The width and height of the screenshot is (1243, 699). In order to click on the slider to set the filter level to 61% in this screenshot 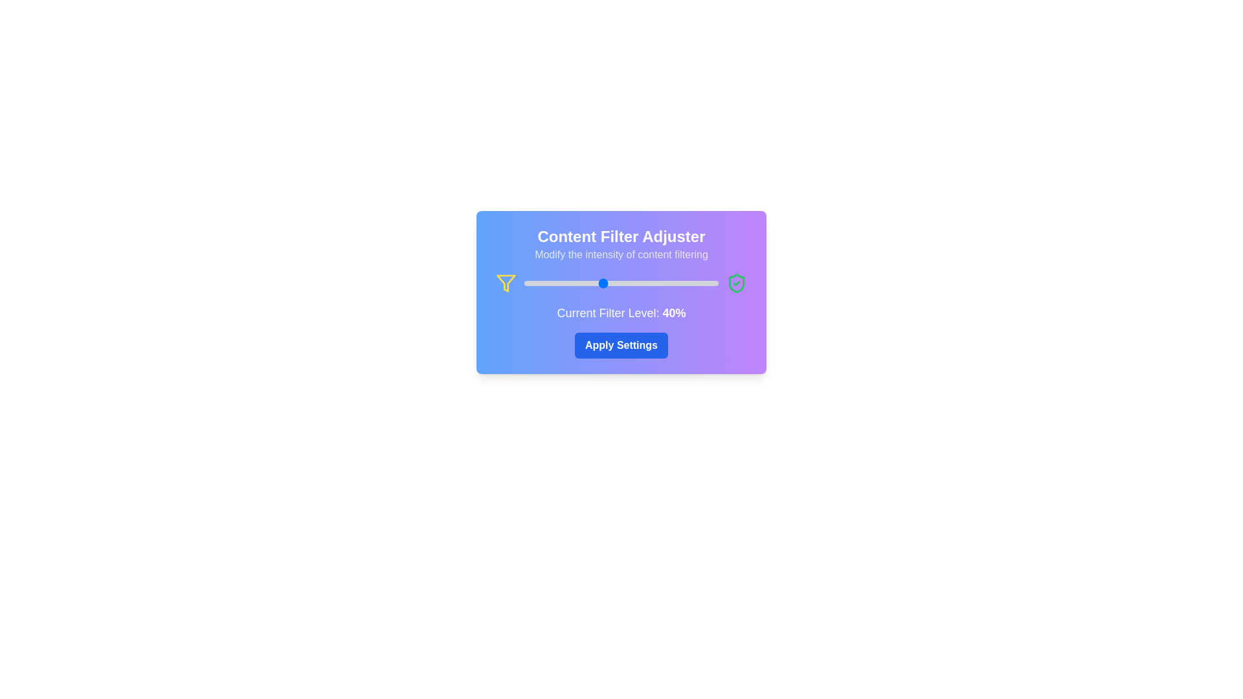, I will do `click(643, 283)`.